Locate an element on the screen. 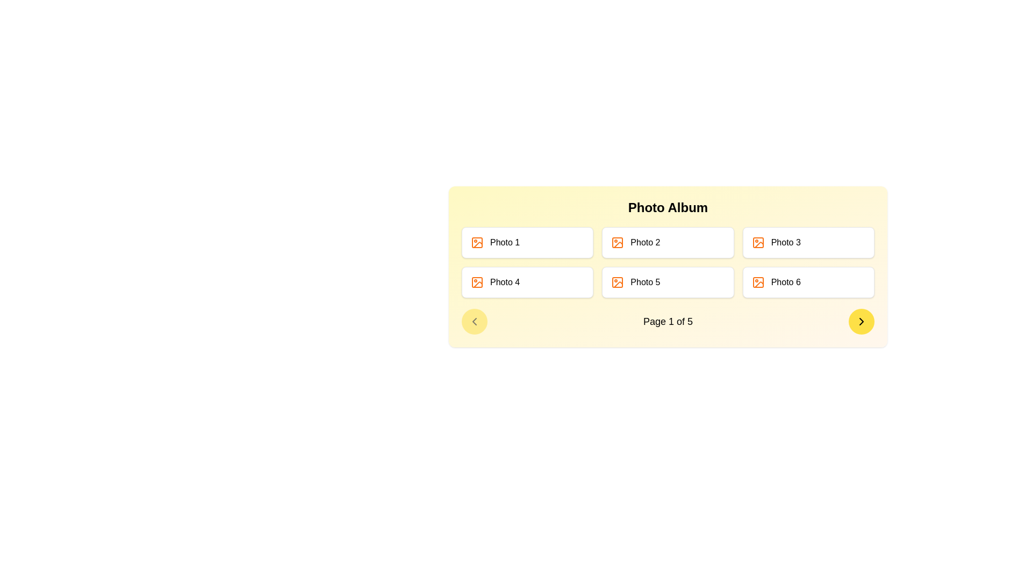 The image size is (1032, 580). the navigation button located at the bottom-right corner of the 'Page 1 of 5' area is located at coordinates (862, 321).